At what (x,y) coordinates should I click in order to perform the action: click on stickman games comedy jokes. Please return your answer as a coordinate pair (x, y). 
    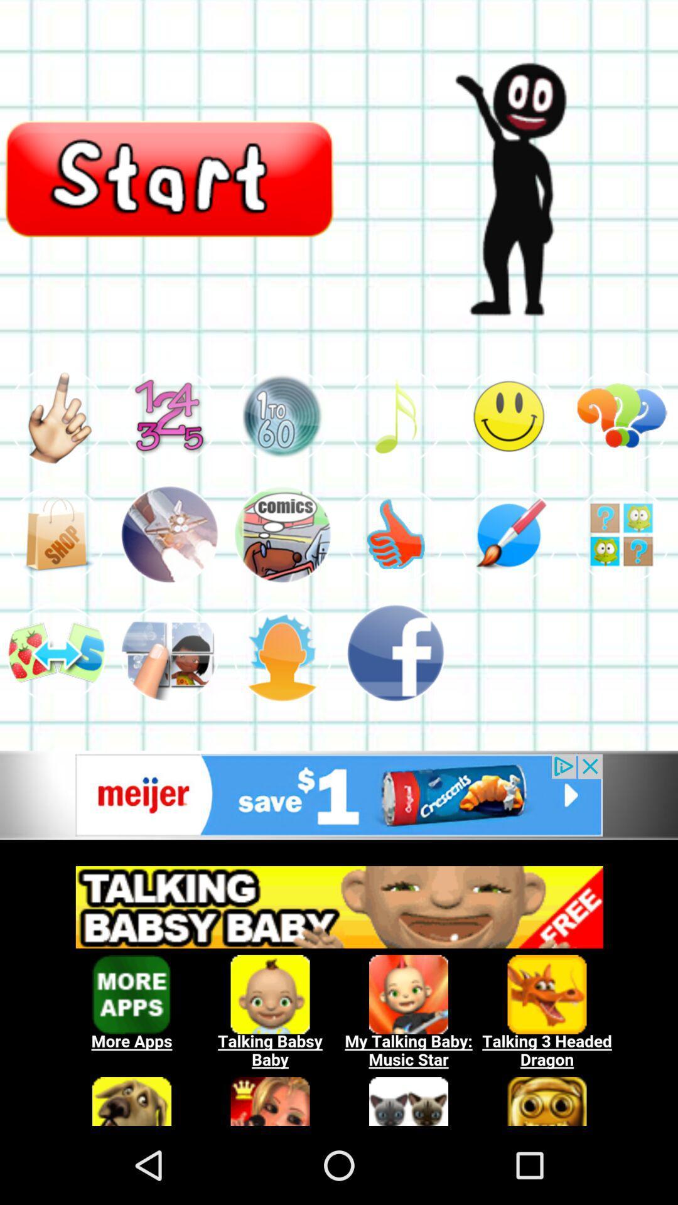
    Looking at the image, I should click on (282, 415).